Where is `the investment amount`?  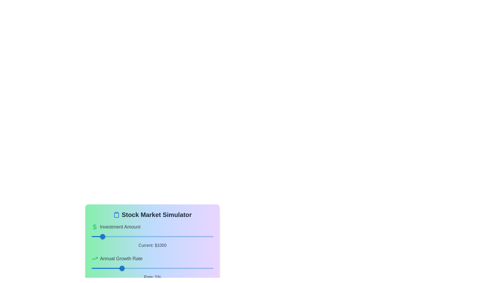 the investment amount is located at coordinates (99, 236).